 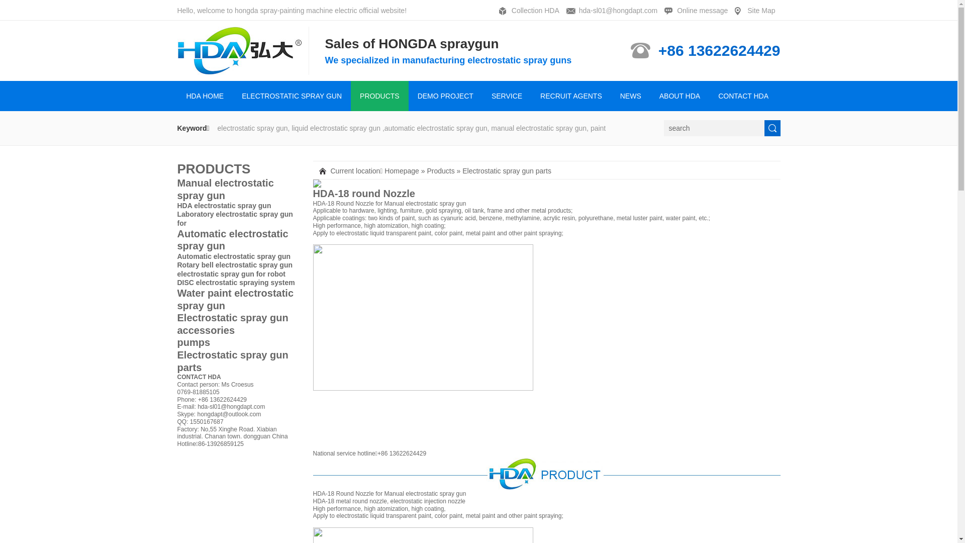 I want to click on 'Water paint electrostatic spray gun', so click(x=238, y=299).